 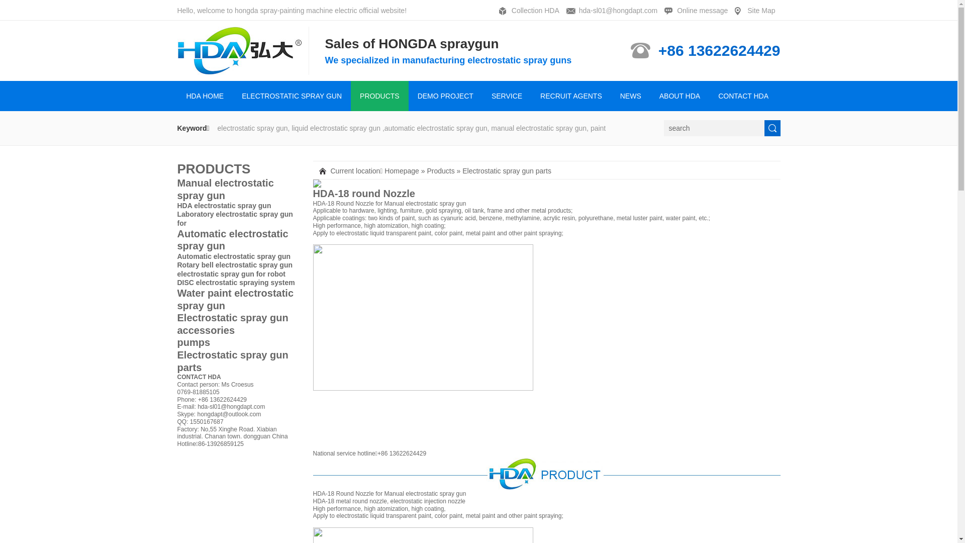 I want to click on 'Water paint electrostatic spray gun', so click(x=238, y=299).